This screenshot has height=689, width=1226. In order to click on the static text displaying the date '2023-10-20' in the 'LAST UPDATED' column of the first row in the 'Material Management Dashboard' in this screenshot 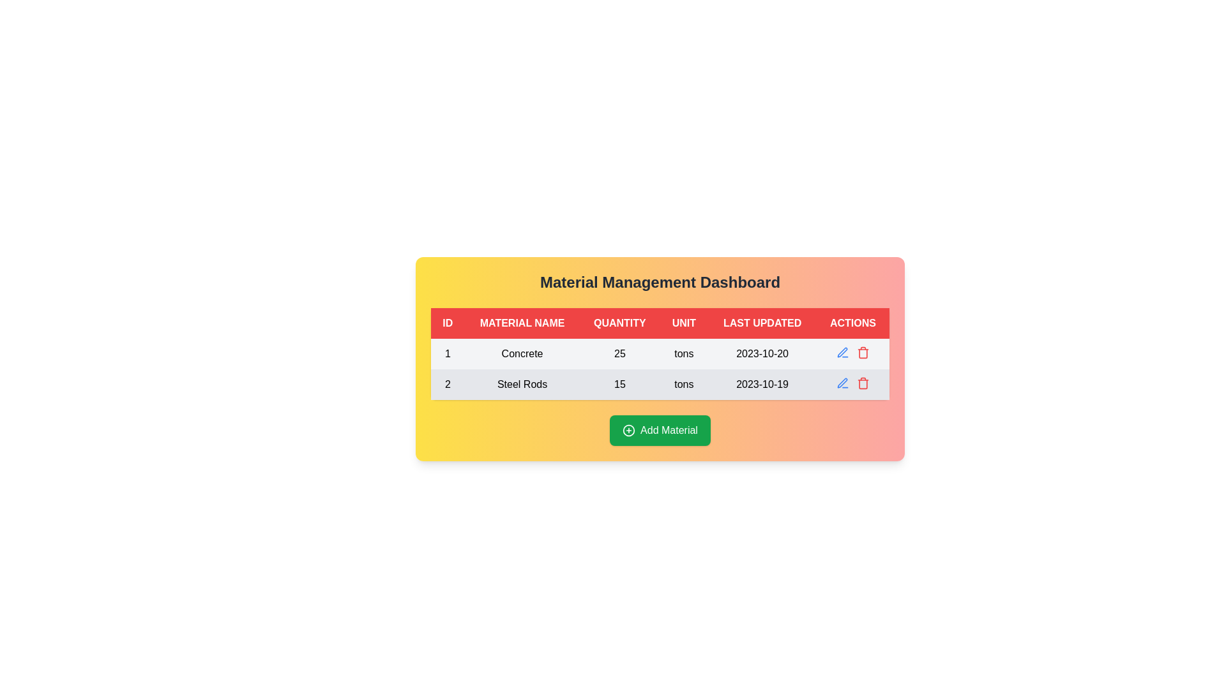, I will do `click(762, 354)`.